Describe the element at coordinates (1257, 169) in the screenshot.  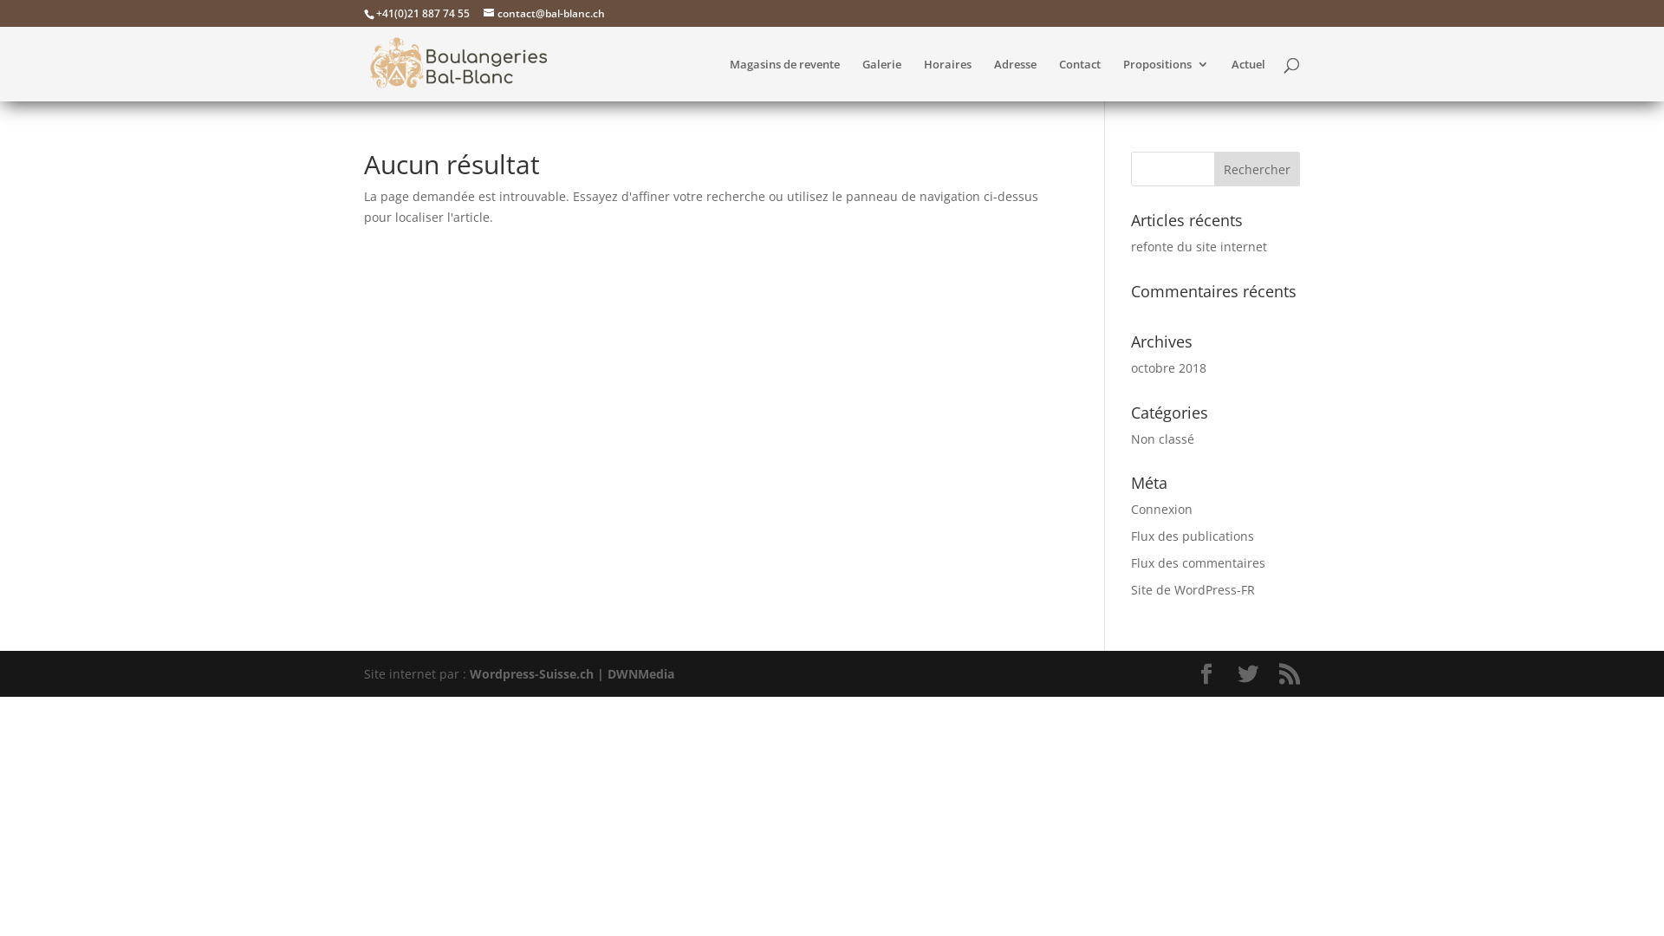
I see `'Rechercher'` at that location.